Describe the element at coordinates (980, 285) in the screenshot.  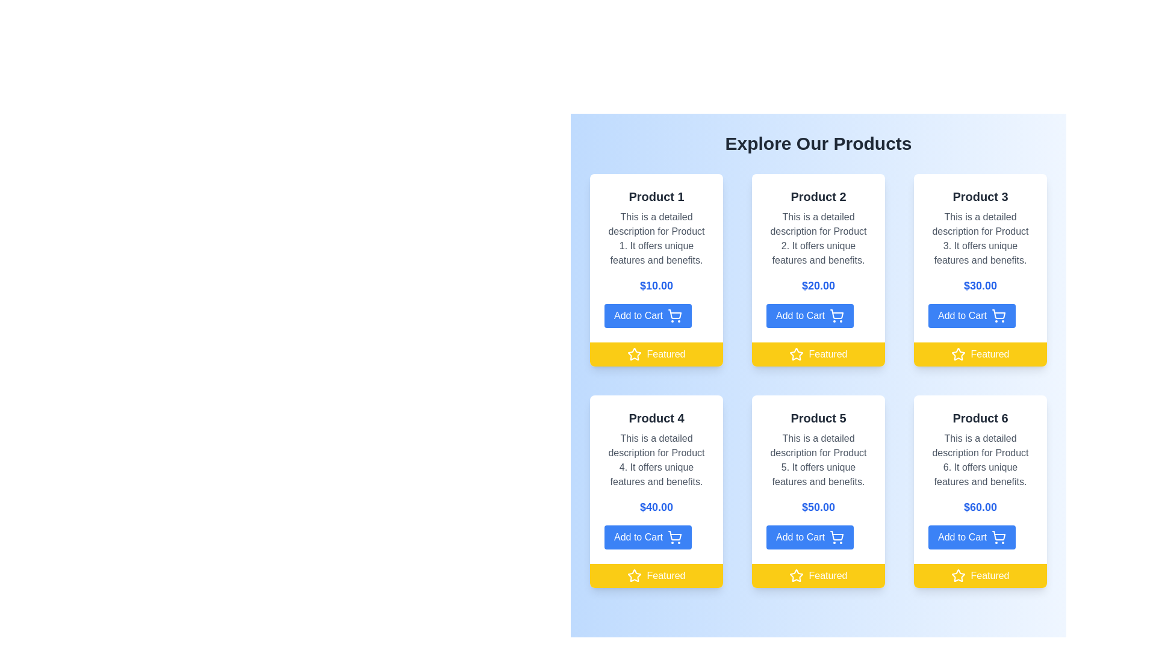
I see `the text display showing the price '$30.00', which is styled in bold blue font on a white background, located in the third product card of the first row` at that location.